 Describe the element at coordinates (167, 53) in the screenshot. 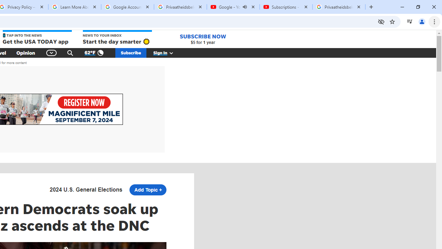

I see `'Sign In'` at that location.